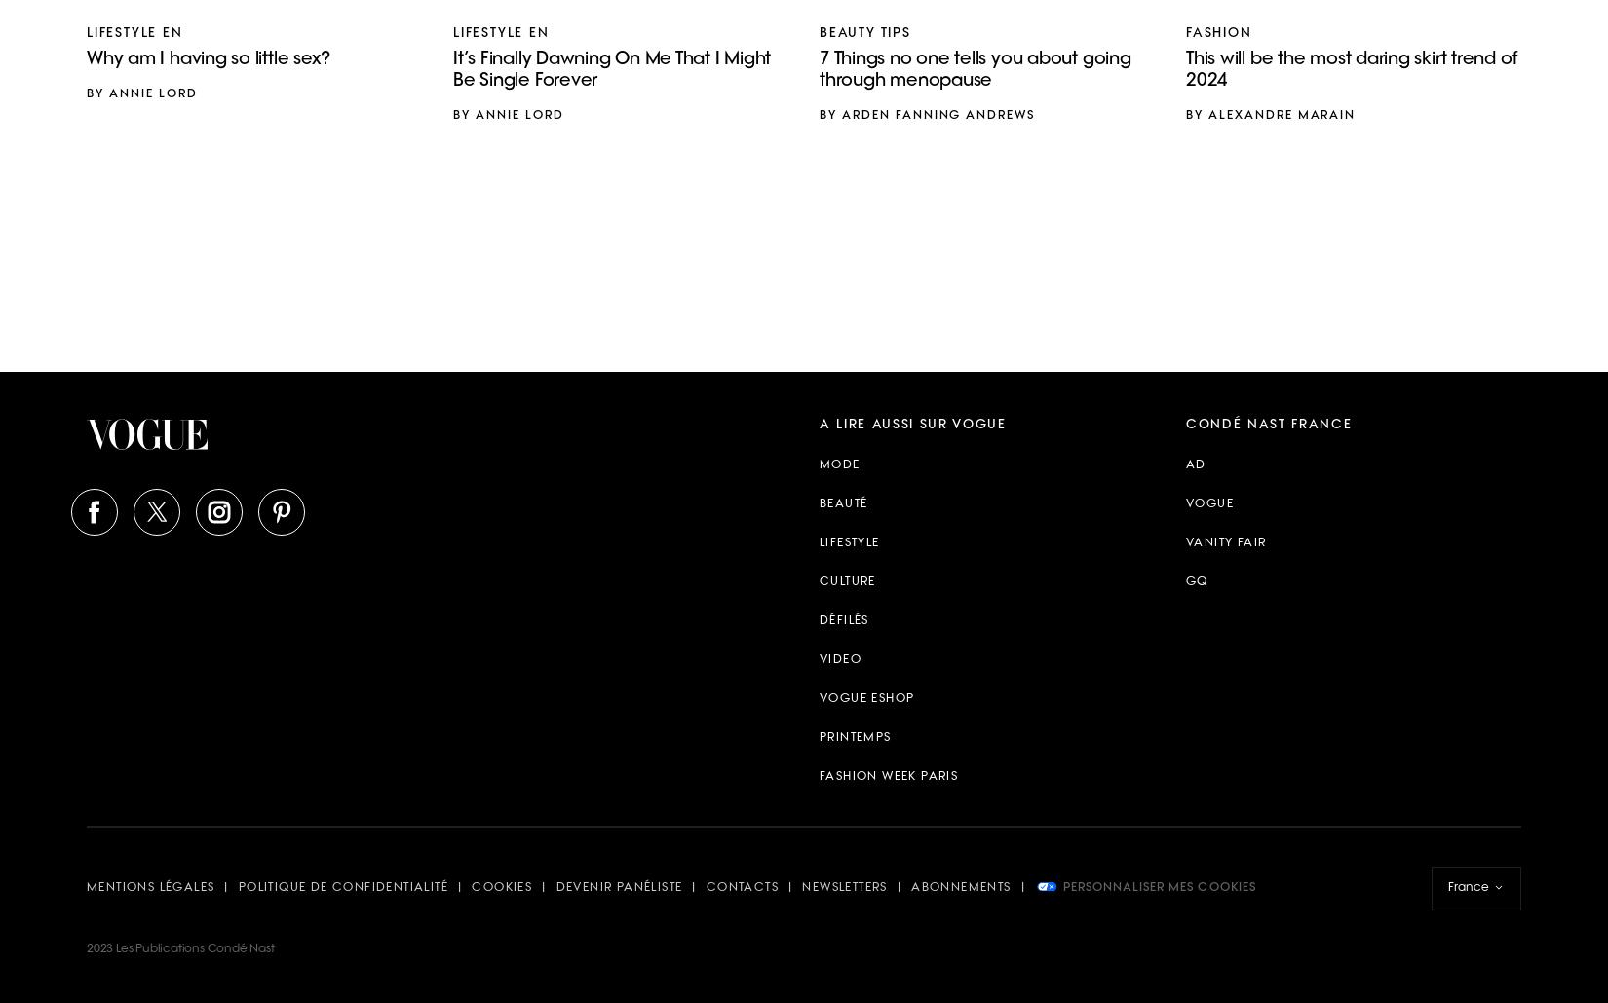 This screenshot has width=1608, height=1003. I want to click on 'Vogue Eshop', so click(820, 699).